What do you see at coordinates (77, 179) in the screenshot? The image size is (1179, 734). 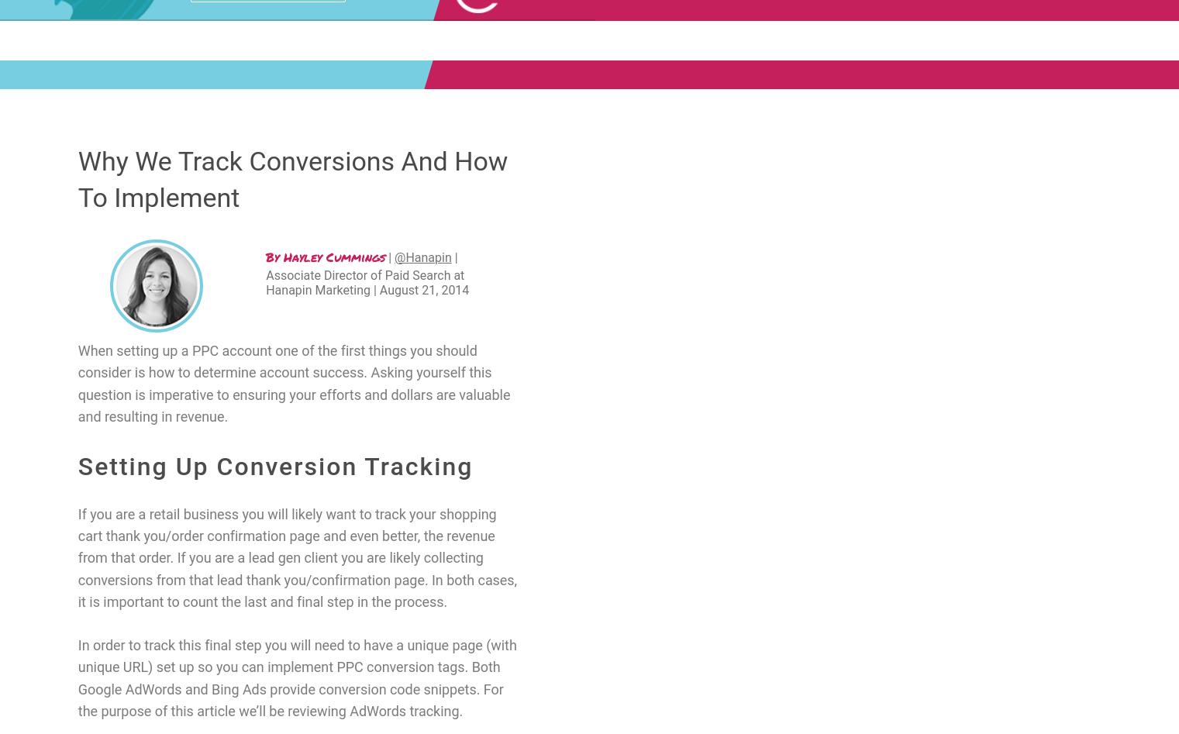 I see `'Why We Track Conversions And How To Implement'` at bounding box center [77, 179].